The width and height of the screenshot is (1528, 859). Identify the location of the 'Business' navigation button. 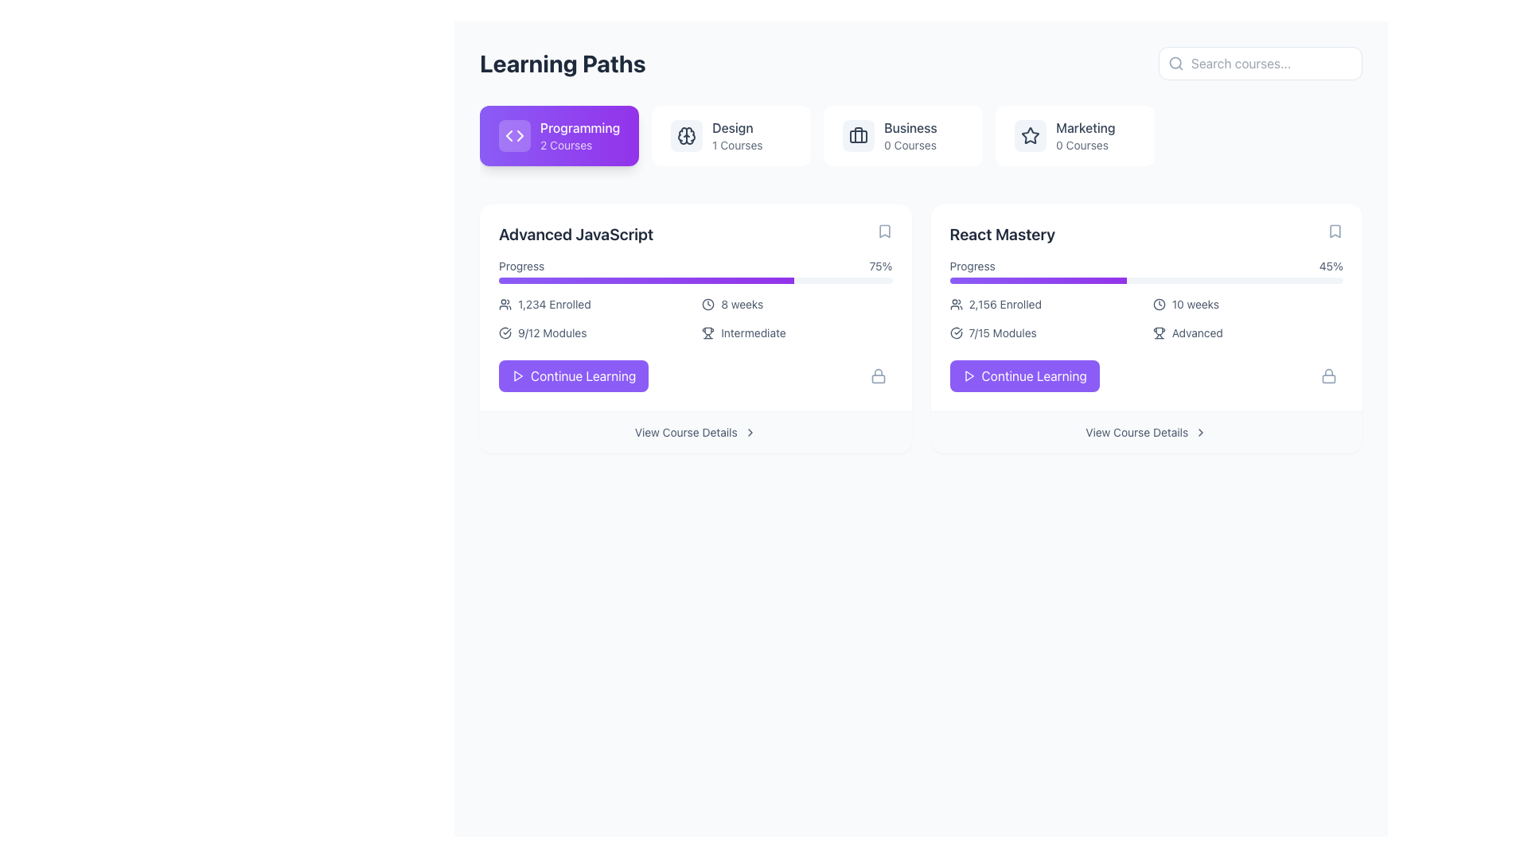
(903, 134).